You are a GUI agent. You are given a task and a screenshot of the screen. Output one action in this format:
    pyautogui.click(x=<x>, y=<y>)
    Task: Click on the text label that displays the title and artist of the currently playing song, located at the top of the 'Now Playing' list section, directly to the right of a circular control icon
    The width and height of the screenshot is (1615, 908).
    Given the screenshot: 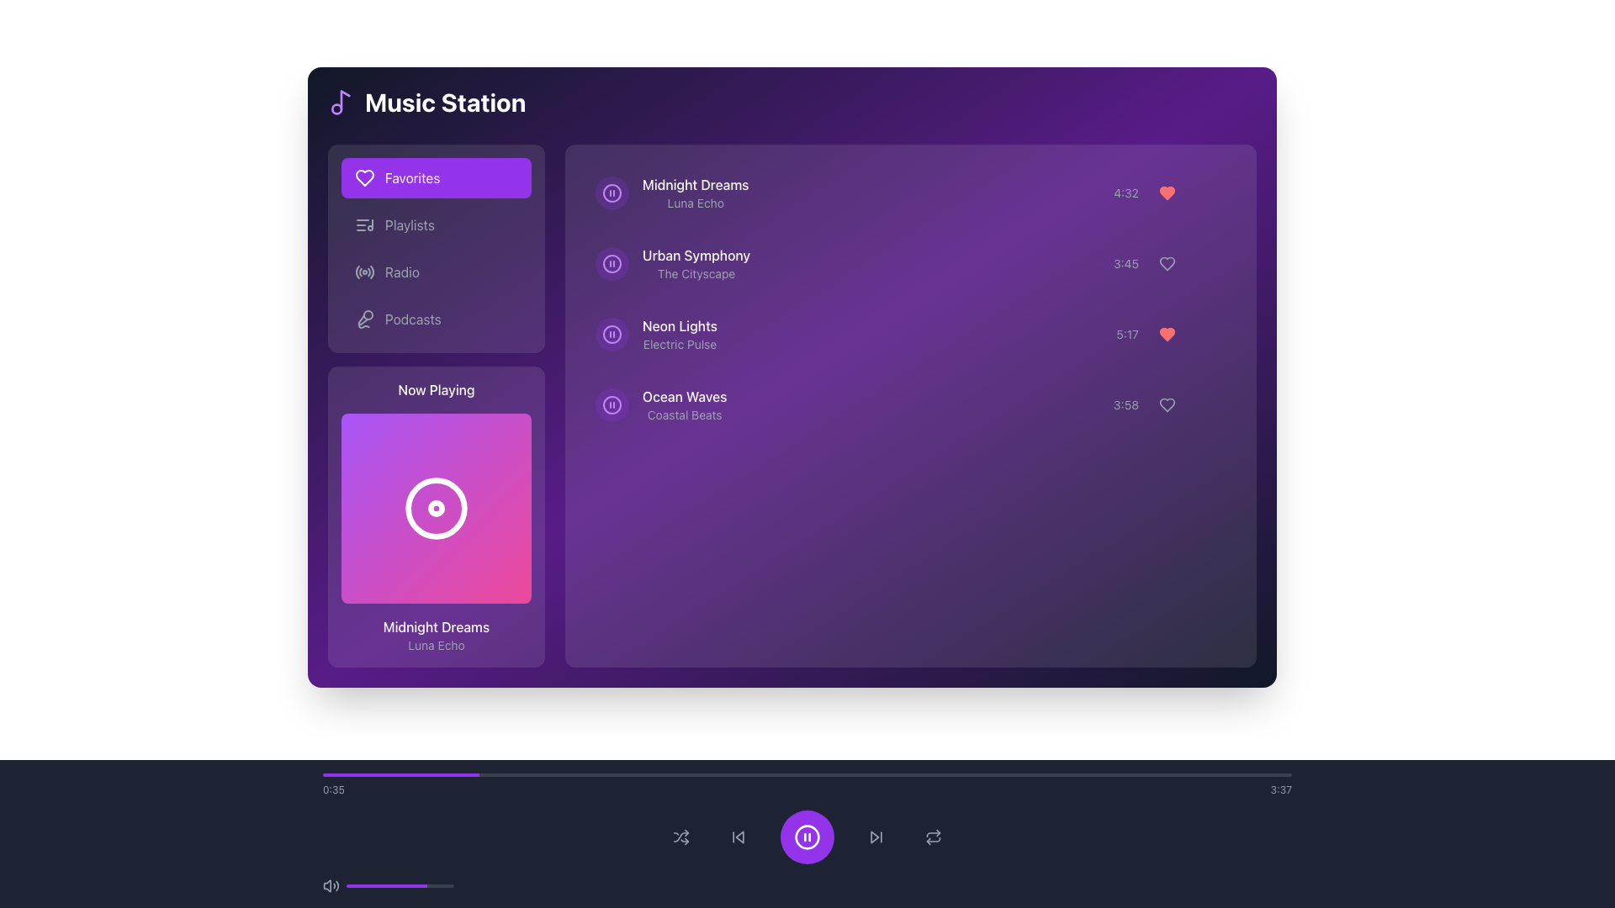 What is the action you would take?
    pyautogui.click(x=696, y=193)
    